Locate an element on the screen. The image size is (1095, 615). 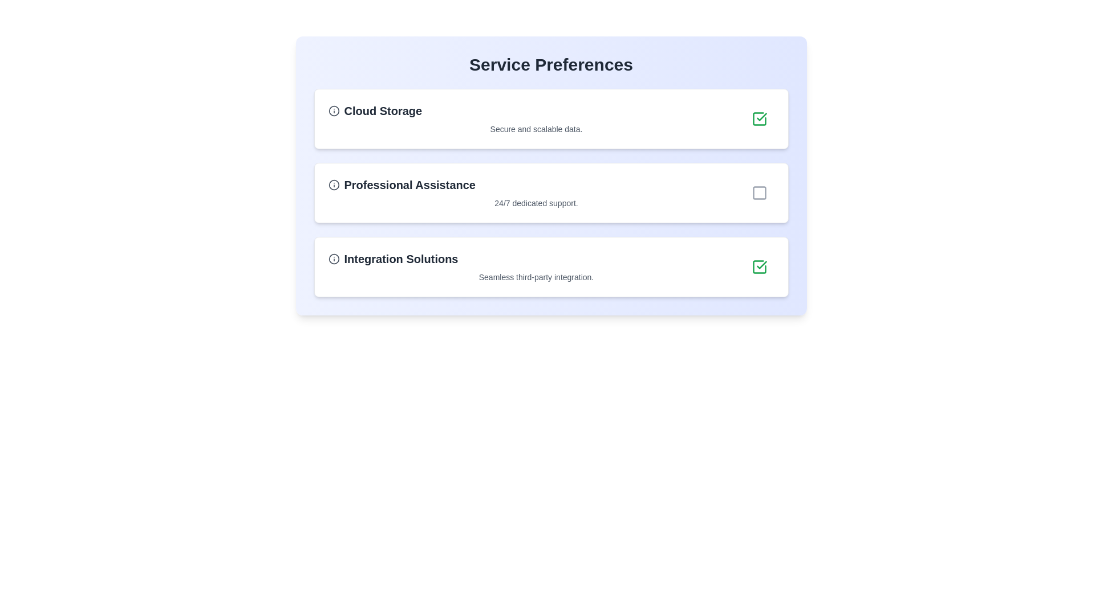
details of the 'Integration Solutions' informative card, which is the third card in the vertical list under 'Service Preferences' is located at coordinates (551, 267).